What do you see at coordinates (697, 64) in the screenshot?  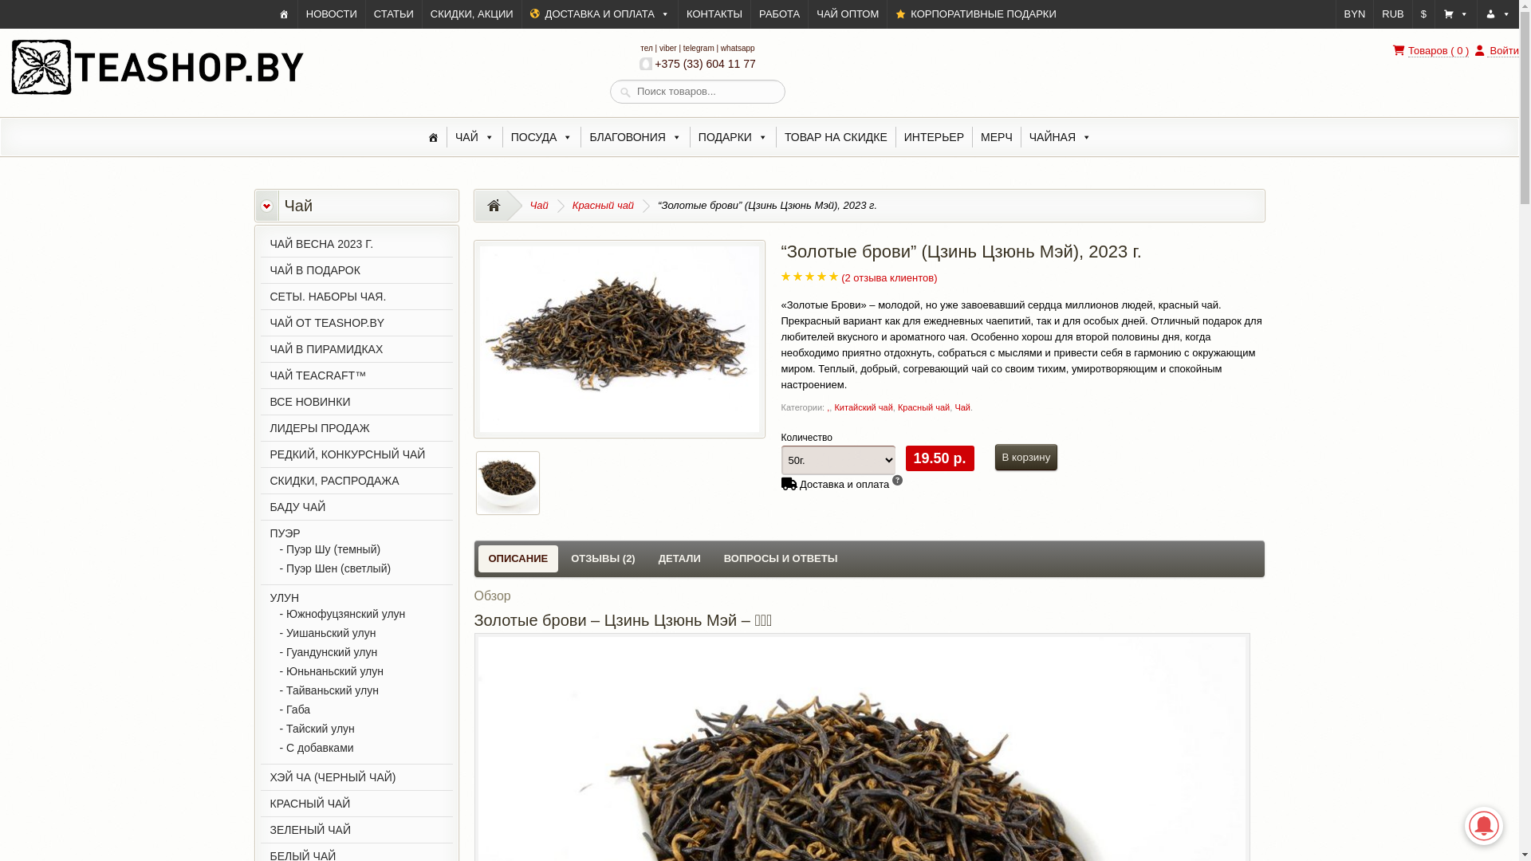 I see `'+375 (33) 604 11 77'` at bounding box center [697, 64].